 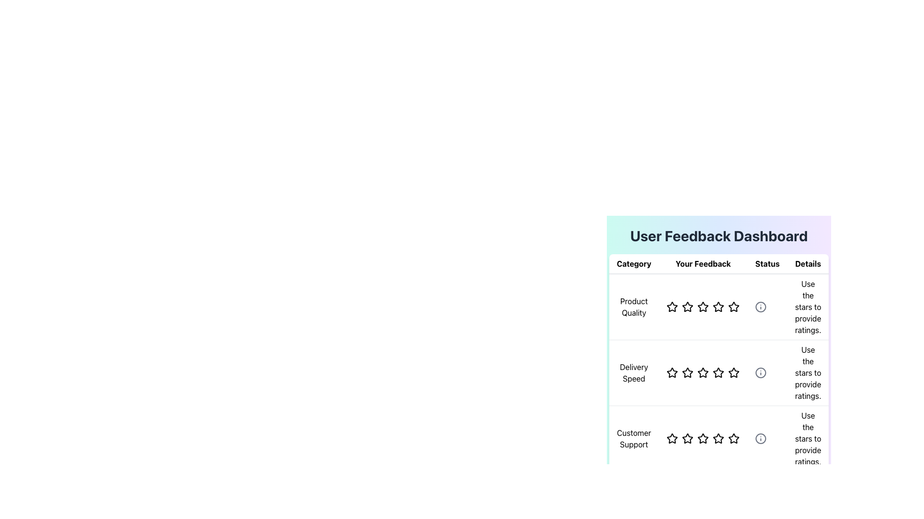 What do you see at coordinates (703, 307) in the screenshot?
I see `the second star icon in the feedback table under 'Your Feedback' for 'Product Quality'` at bounding box center [703, 307].